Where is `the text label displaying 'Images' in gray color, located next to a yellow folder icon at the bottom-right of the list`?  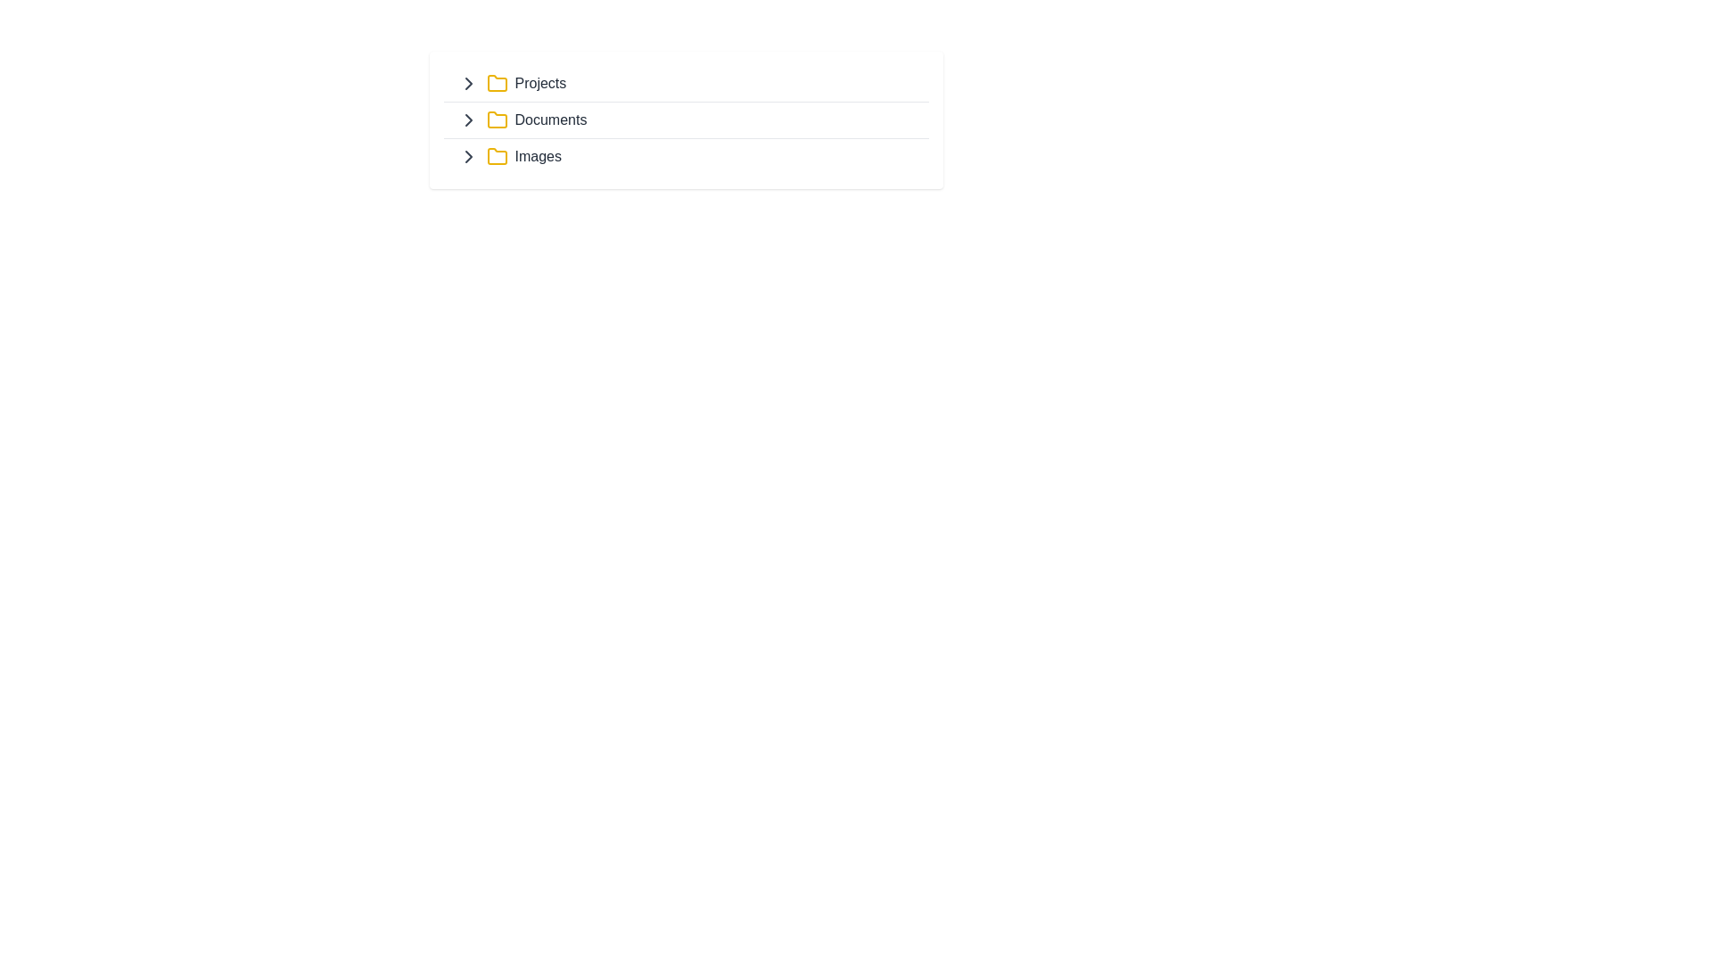
the text label displaying 'Images' in gray color, located next to a yellow folder icon at the bottom-right of the list is located at coordinates (537, 156).